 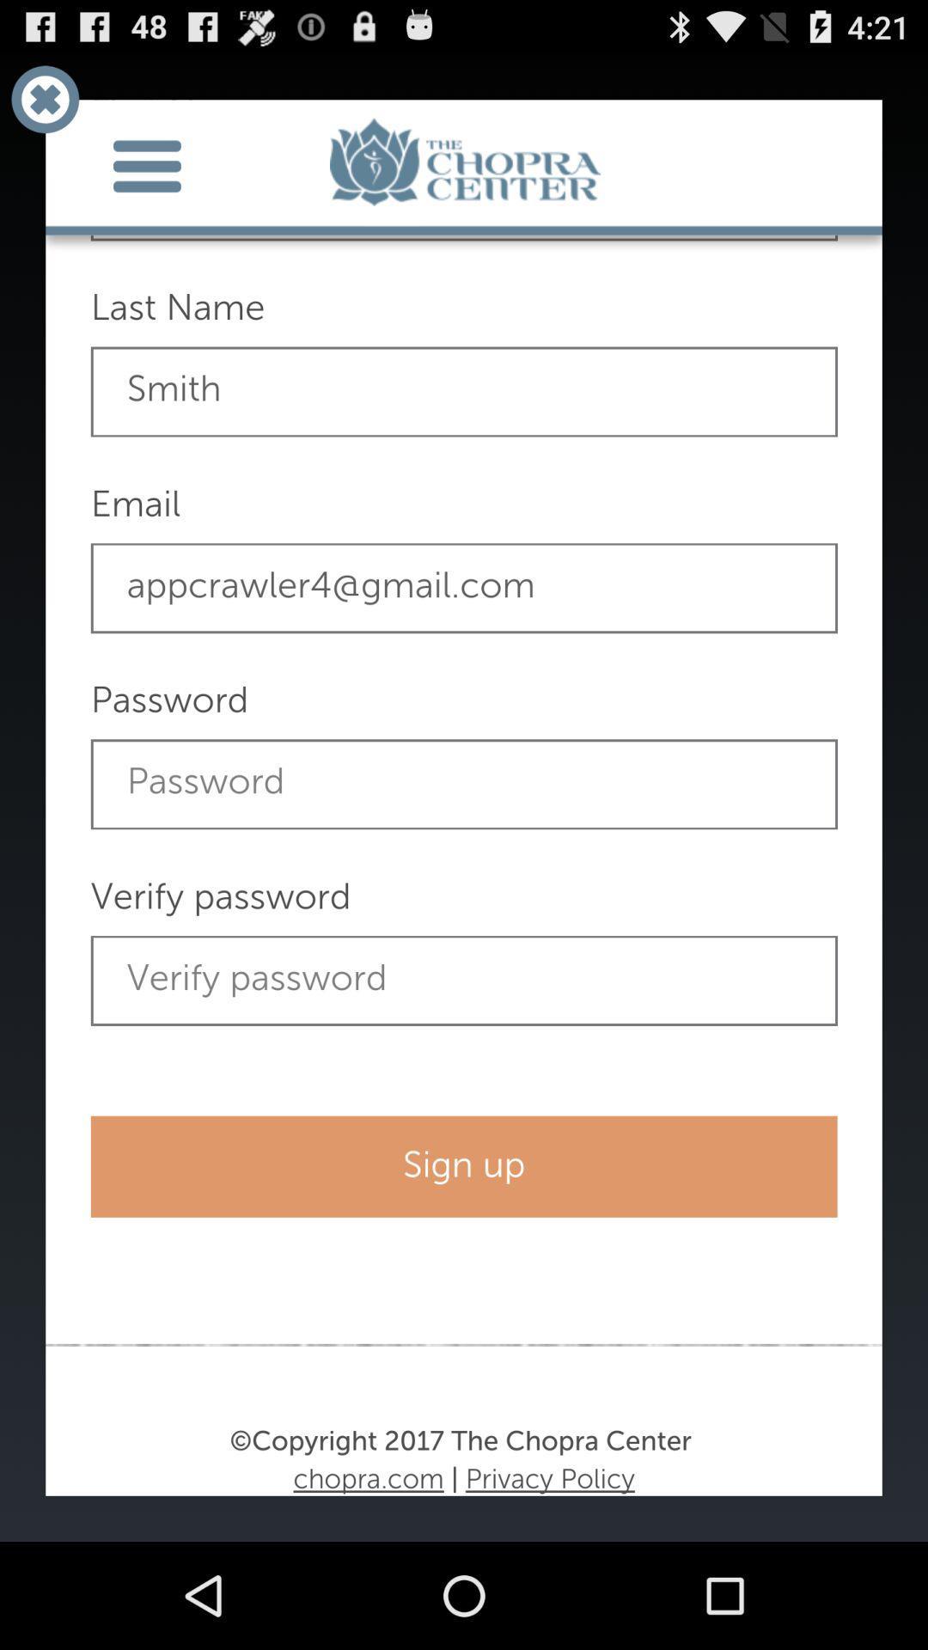 What do you see at coordinates (44, 106) in the screenshot?
I see `the close icon` at bounding box center [44, 106].